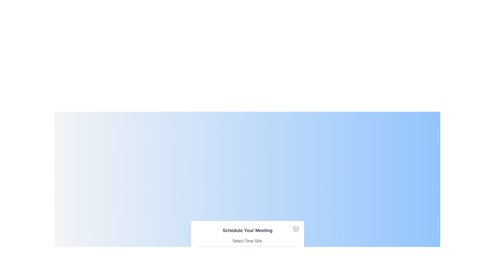 The image size is (485, 273). I want to click on the time slot 3:00 PM from the dropdown menu, so click(247, 251).